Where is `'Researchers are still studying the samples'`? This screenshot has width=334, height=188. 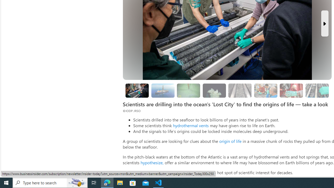 'Researchers are still studying the samples' is located at coordinates (317, 90).